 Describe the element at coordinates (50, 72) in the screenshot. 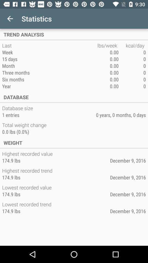

I see `the item below the month icon` at that location.